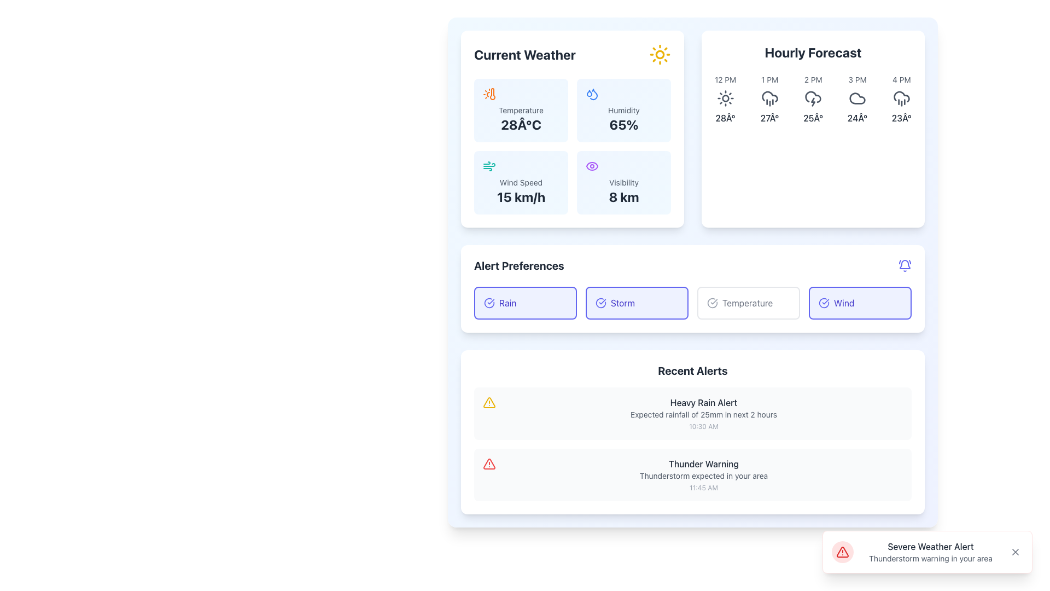 The height and width of the screenshot is (591, 1050). What do you see at coordinates (813, 79) in the screenshot?
I see `the '2 PM' text label in the 'Hourly Forecast' section, which is styled in a small sans-serif font and has a gray color palette` at bounding box center [813, 79].